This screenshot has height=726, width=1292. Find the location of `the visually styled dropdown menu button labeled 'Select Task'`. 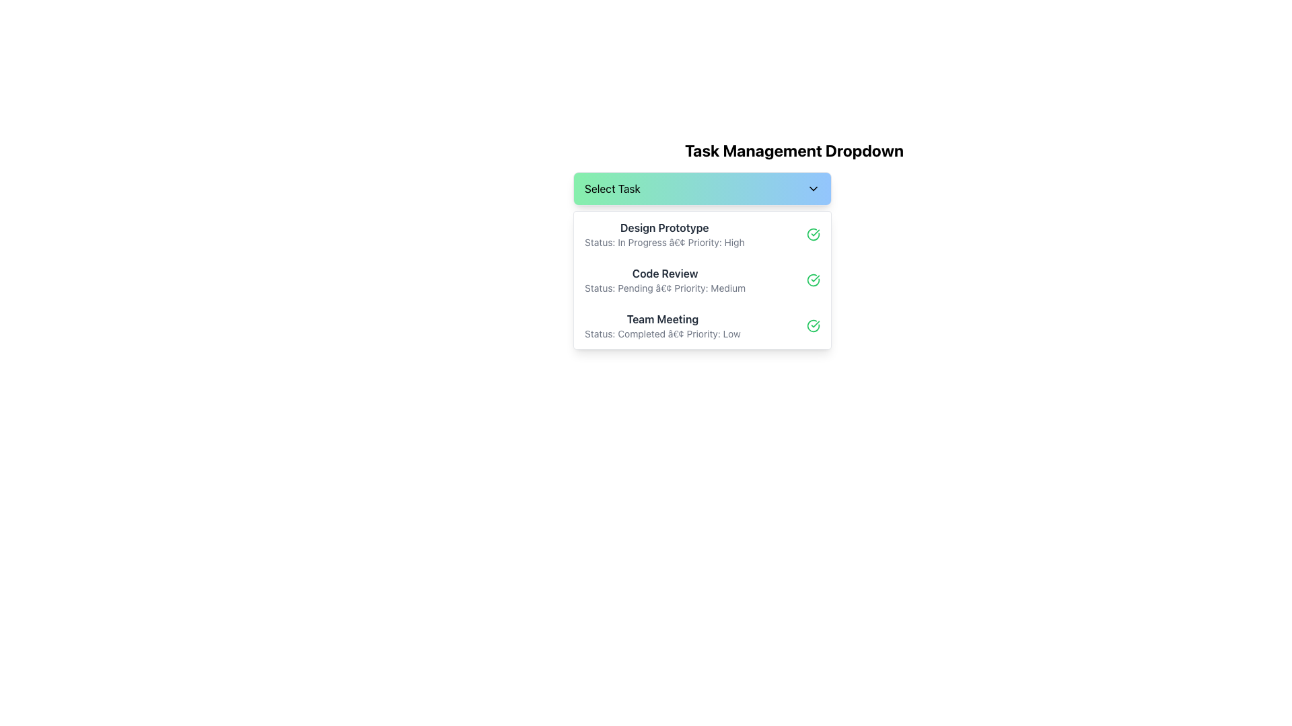

the visually styled dropdown menu button labeled 'Select Task' is located at coordinates (701, 189).